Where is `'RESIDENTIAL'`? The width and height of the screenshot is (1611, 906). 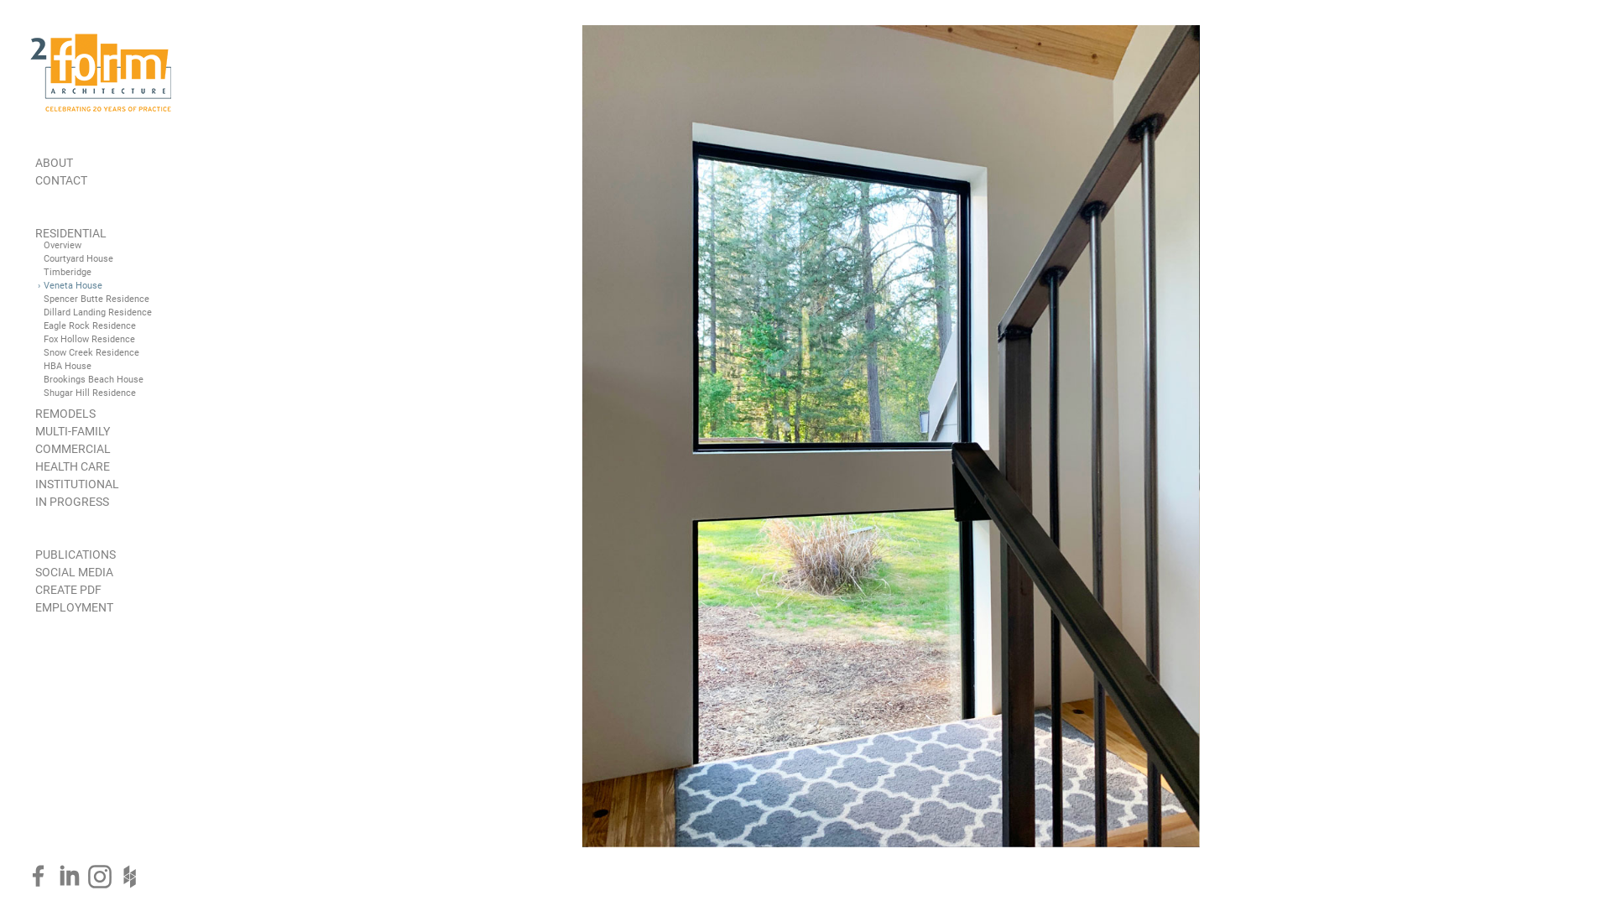
'RESIDENTIAL' is located at coordinates (70, 232).